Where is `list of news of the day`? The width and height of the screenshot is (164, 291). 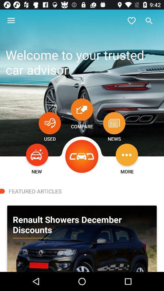 list of news of the day is located at coordinates (114, 123).